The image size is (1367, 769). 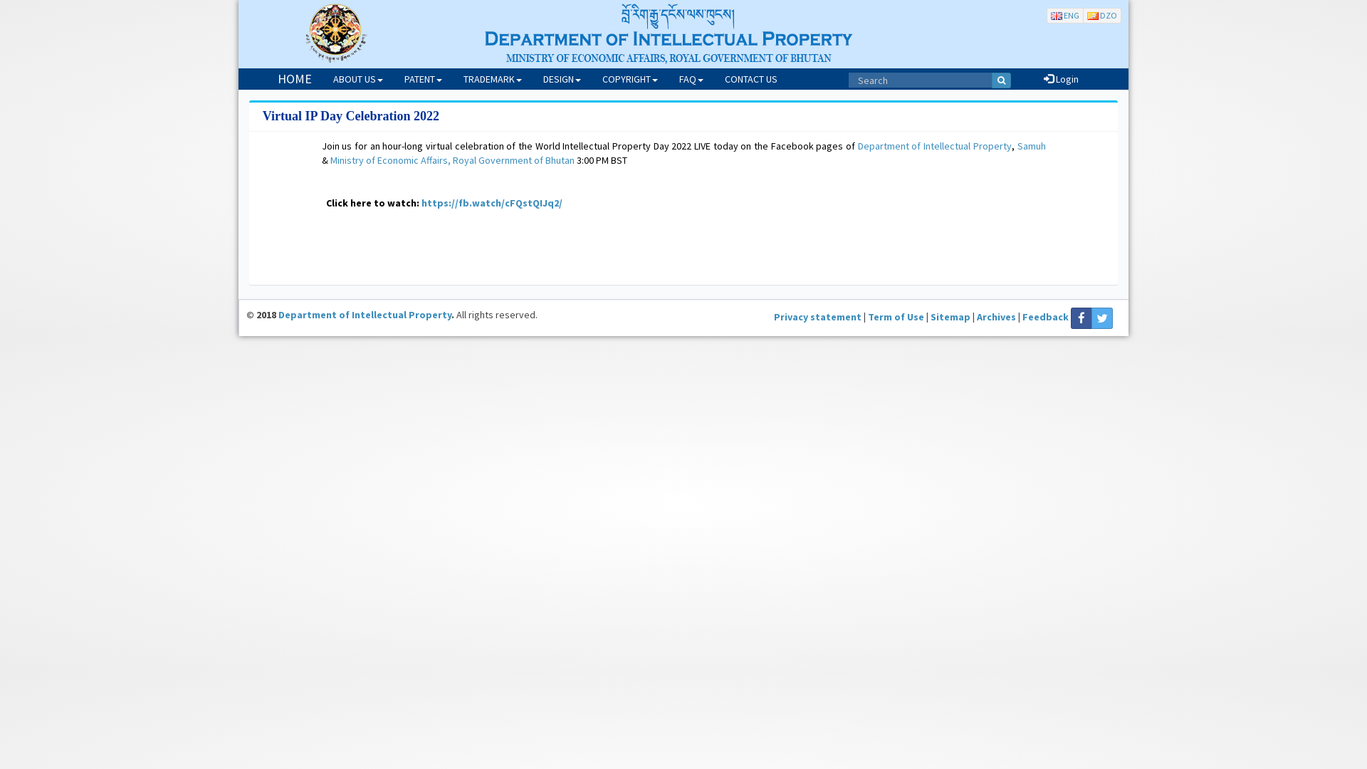 What do you see at coordinates (1101, 318) in the screenshot?
I see `'twitter'` at bounding box center [1101, 318].